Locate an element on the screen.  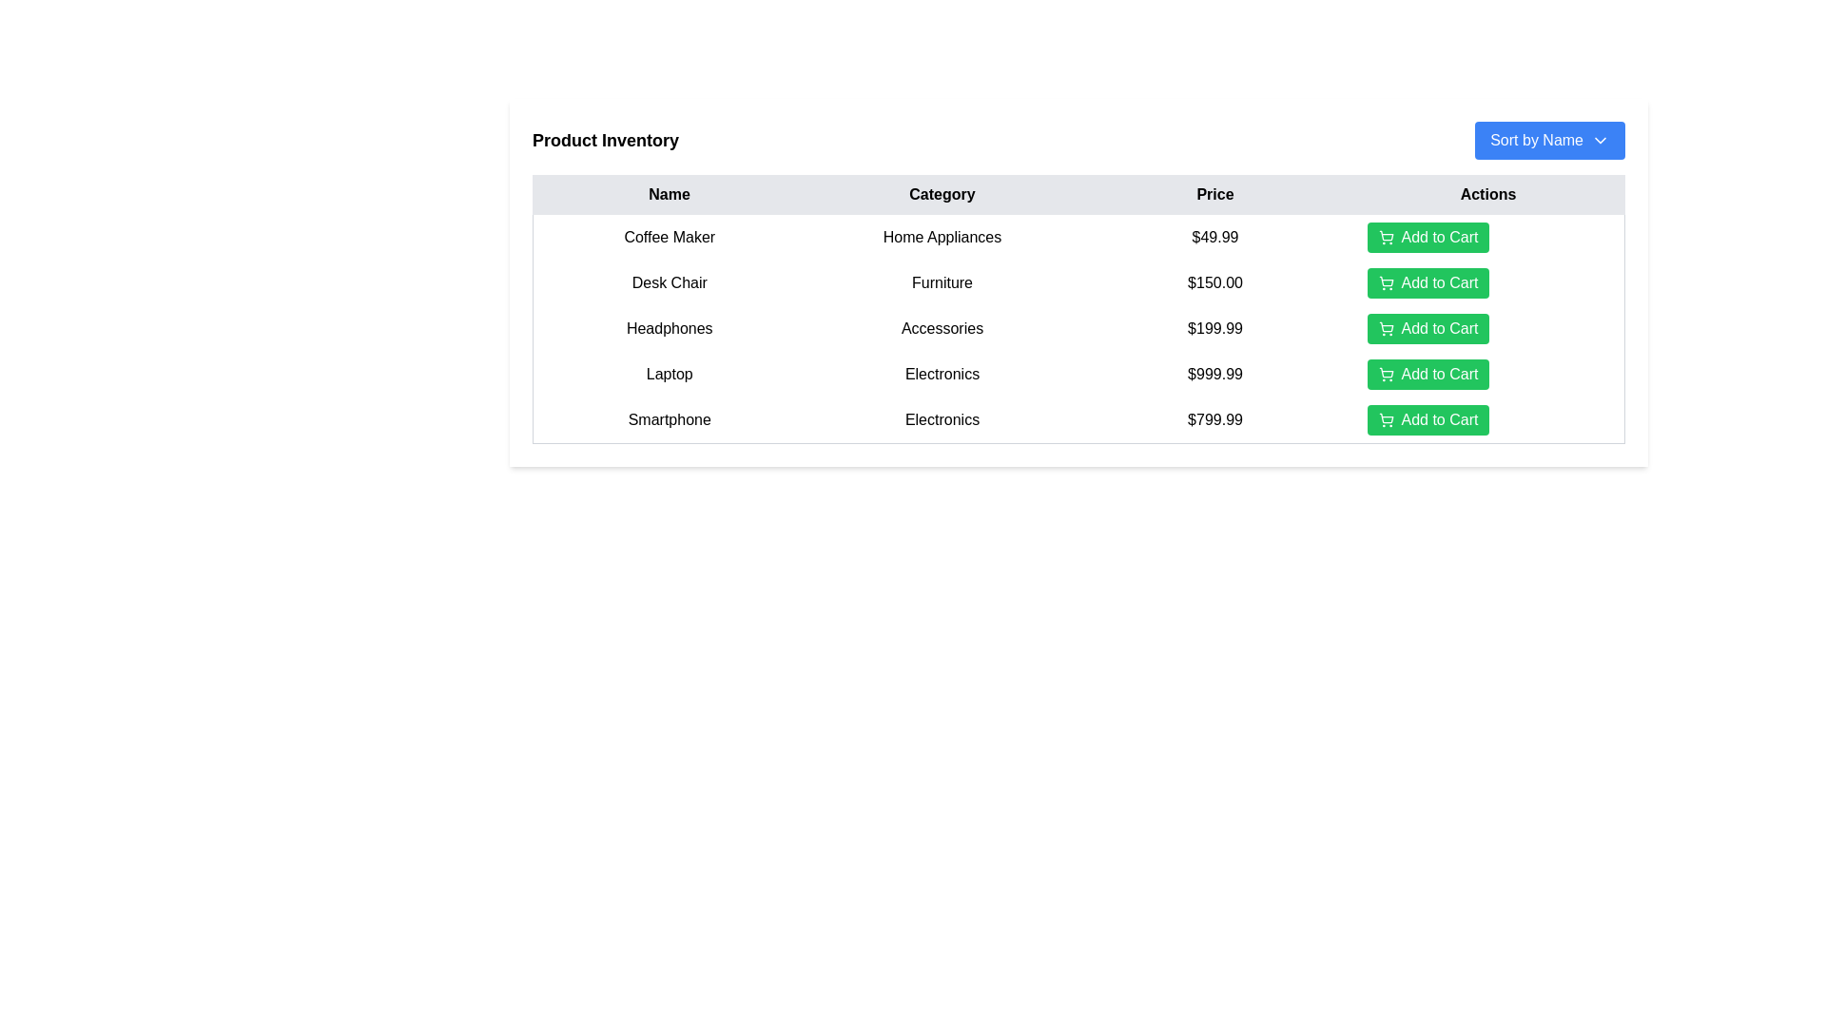
price value displayed in the Text label for the Smartphone located in the fourth row of the table, within the 'Price' column is located at coordinates (1214, 419).